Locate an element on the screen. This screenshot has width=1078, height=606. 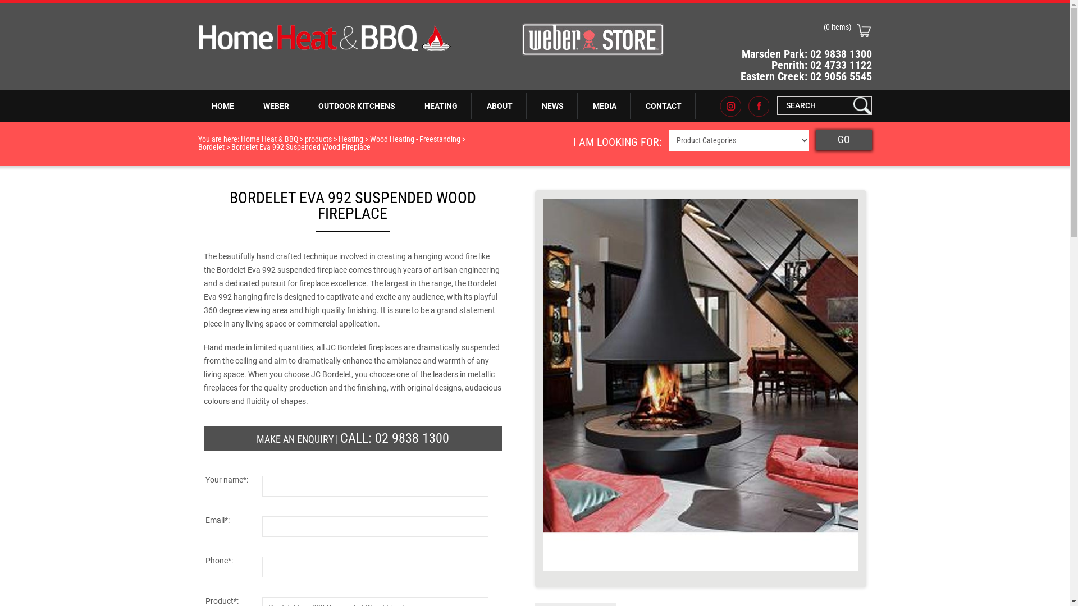
'Heating' is located at coordinates (350, 138).